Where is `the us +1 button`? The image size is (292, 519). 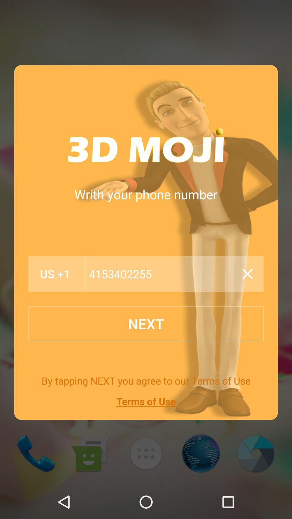 the us +1 button is located at coordinates (55, 274).